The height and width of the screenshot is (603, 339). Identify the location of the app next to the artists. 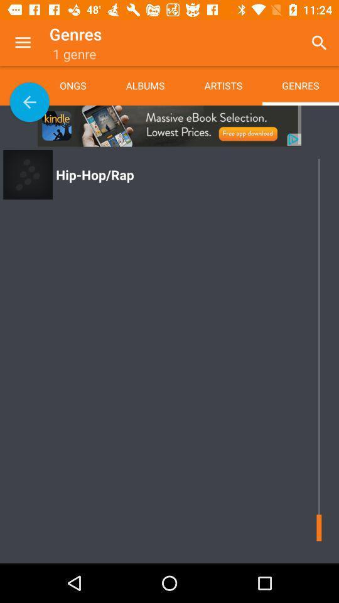
(144, 85).